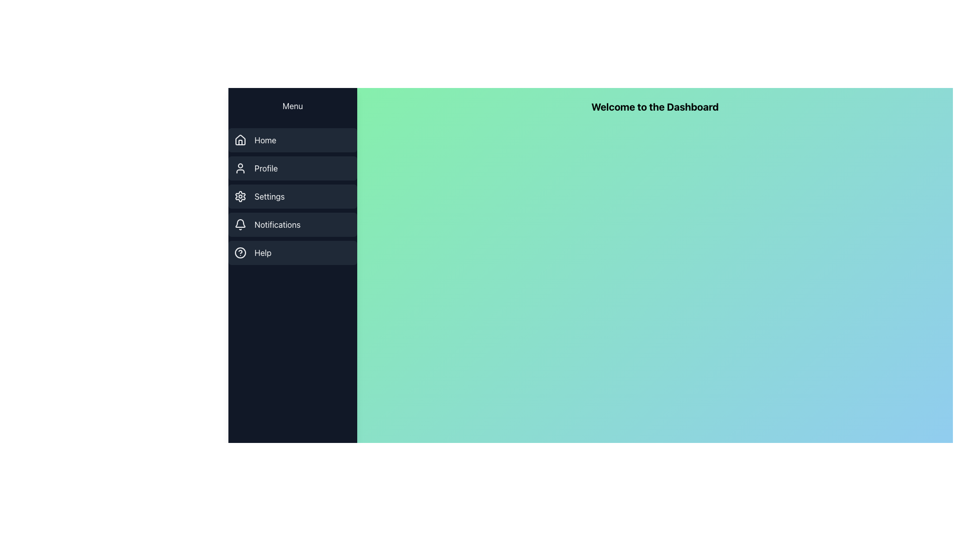 This screenshot has height=543, width=966. Describe the element at coordinates (240, 252) in the screenshot. I see `the inner circle of the 'Help' menu item in the vertical navigation menu, which is a circular SVG component styled with a gray color and located within a button-like item` at that location.